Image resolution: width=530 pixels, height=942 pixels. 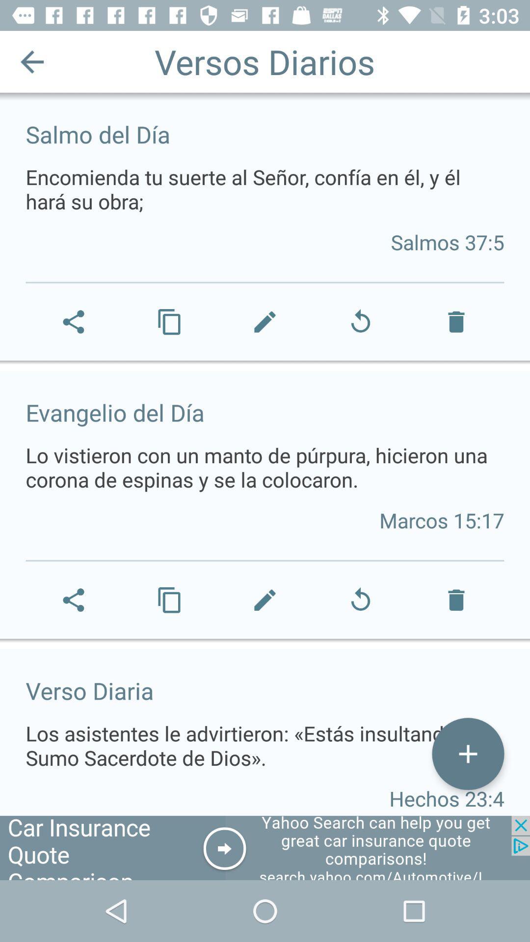 I want to click on the icon at the bottom right corner, so click(x=467, y=753).